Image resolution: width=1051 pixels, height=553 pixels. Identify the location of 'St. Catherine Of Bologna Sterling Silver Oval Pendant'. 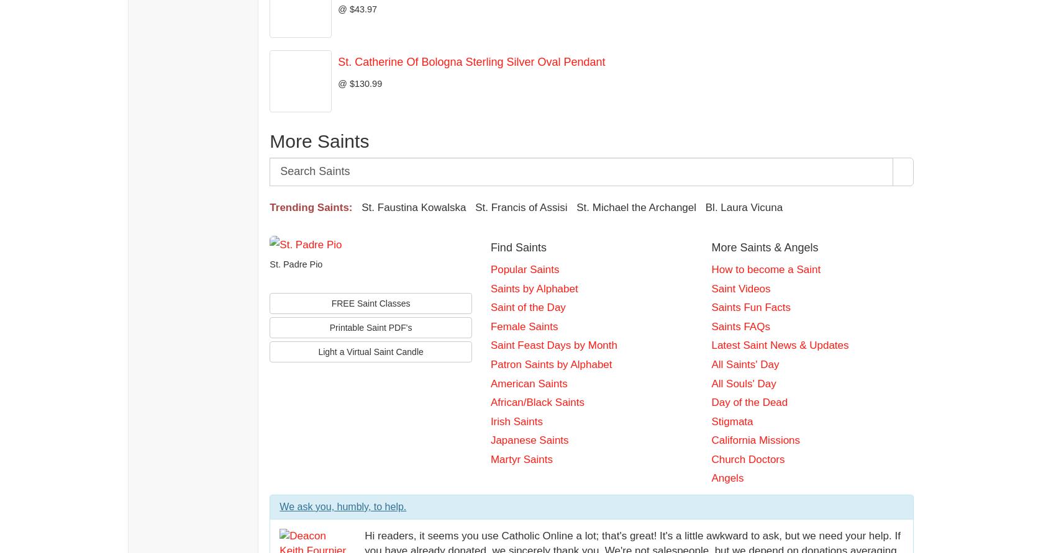
(471, 60).